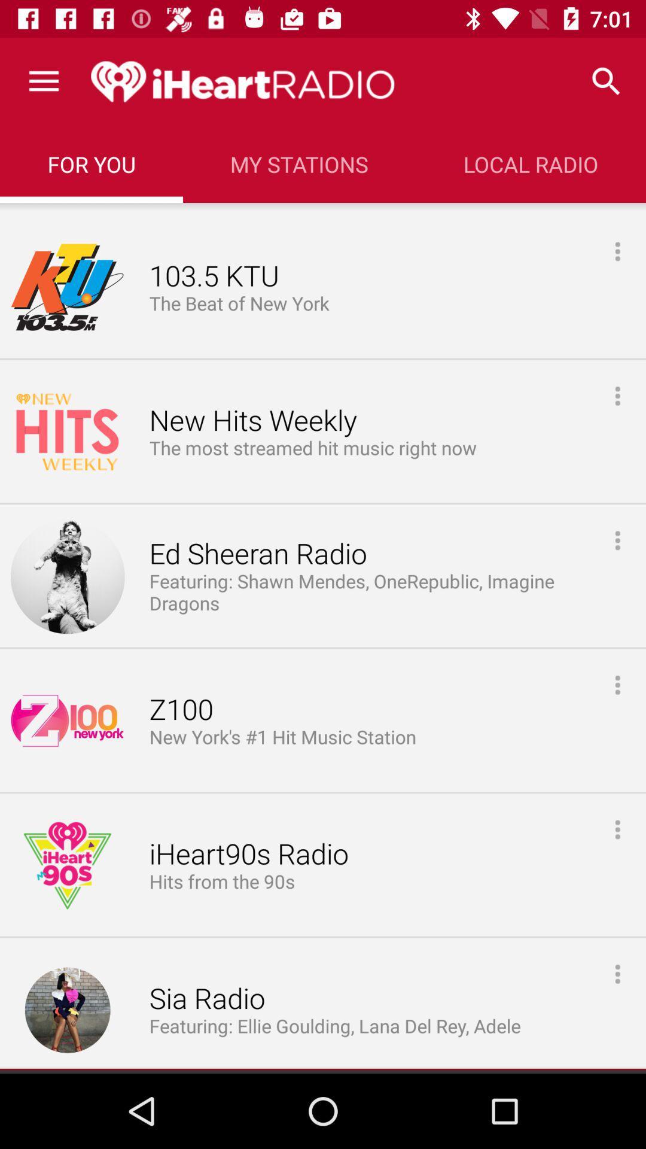  I want to click on hits from the, so click(222, 882).